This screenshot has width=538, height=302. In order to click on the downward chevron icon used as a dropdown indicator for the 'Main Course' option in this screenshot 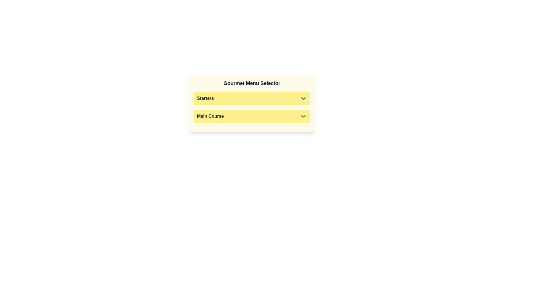, I will do `click(303, 116)`.